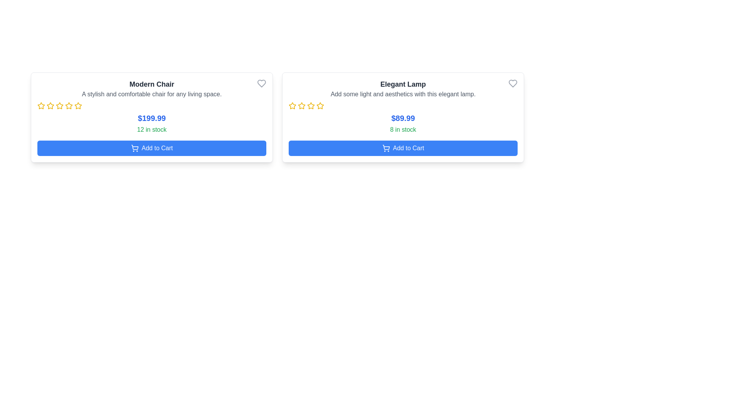  What do you see at coordinates (513, 83) in the screenshot?
I see `the heart icon at the top-right corner of the 'Elegant Lamp' product card to mark the product as favorite` at bounding box center [513, 83].